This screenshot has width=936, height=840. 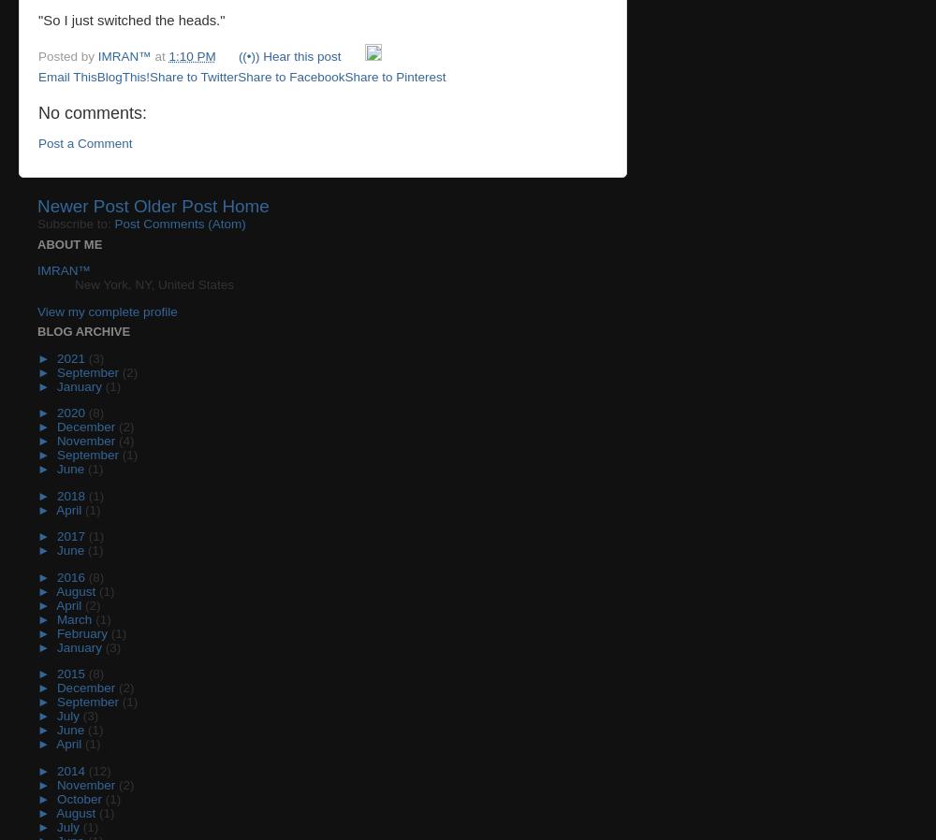 I want to click on 'Blog Archive', so click(x=37, y=331).